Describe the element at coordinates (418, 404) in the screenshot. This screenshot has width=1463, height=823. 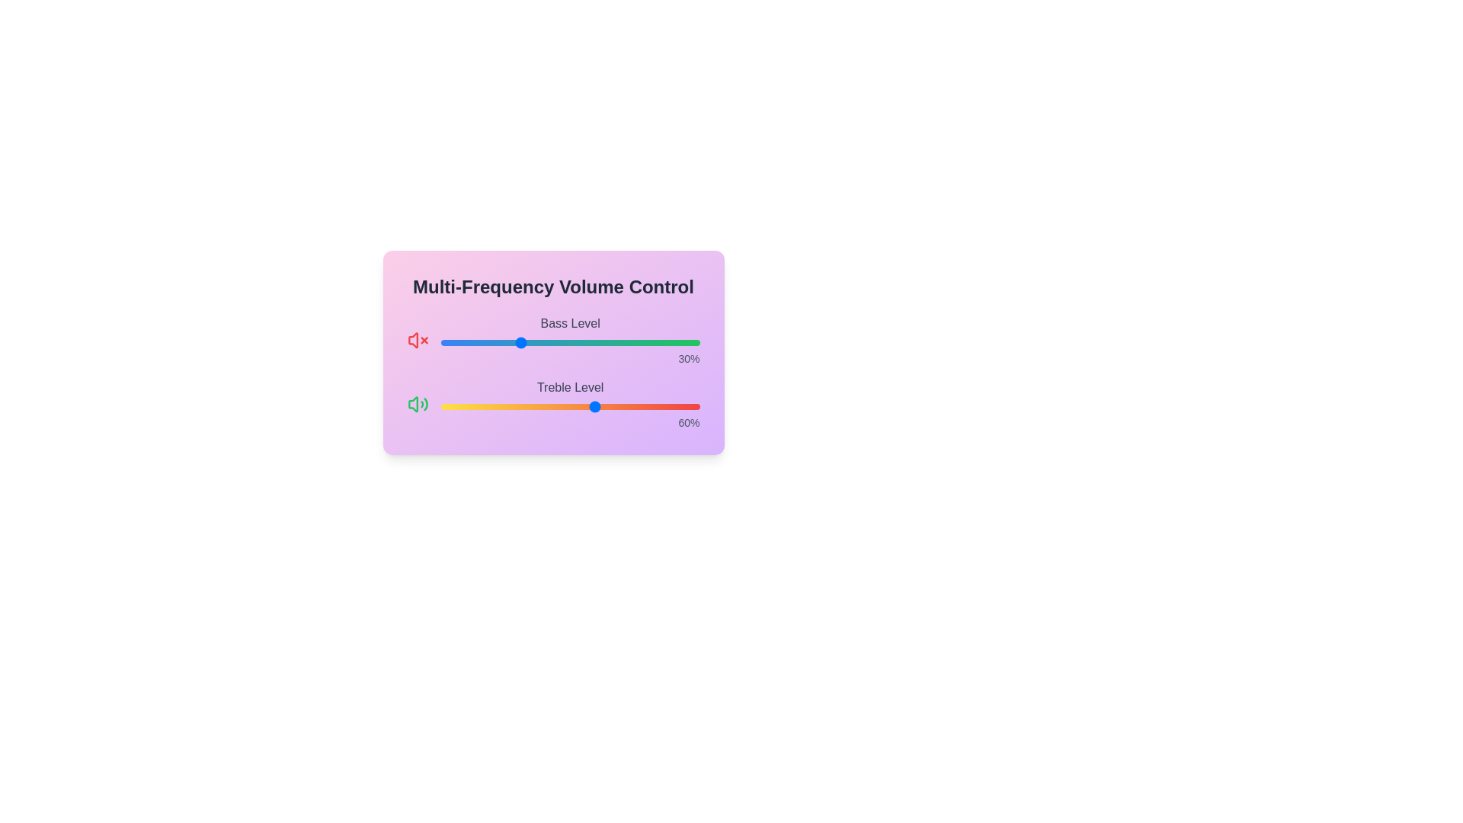
I see `the sound icon for treble` at that location.